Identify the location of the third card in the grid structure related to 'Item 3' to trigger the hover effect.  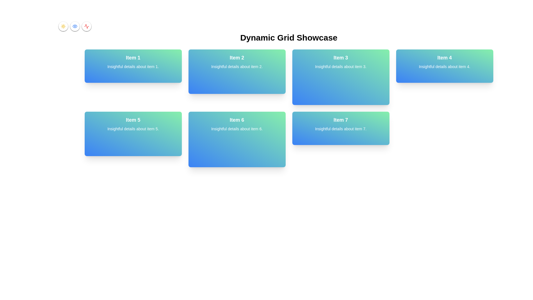
(340, 77).